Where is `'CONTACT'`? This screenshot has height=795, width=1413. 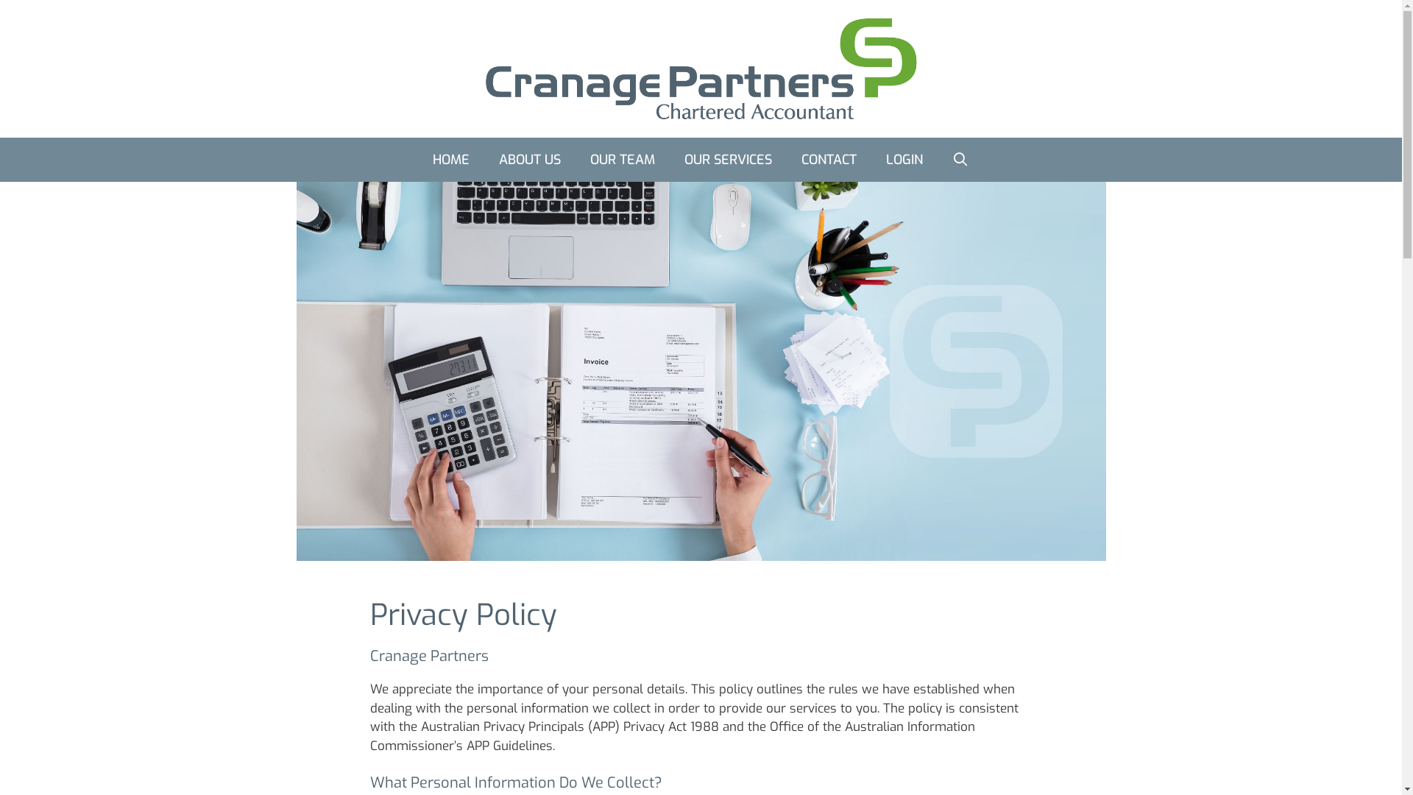
'CONTACT' is located at coordinates (829, 159).